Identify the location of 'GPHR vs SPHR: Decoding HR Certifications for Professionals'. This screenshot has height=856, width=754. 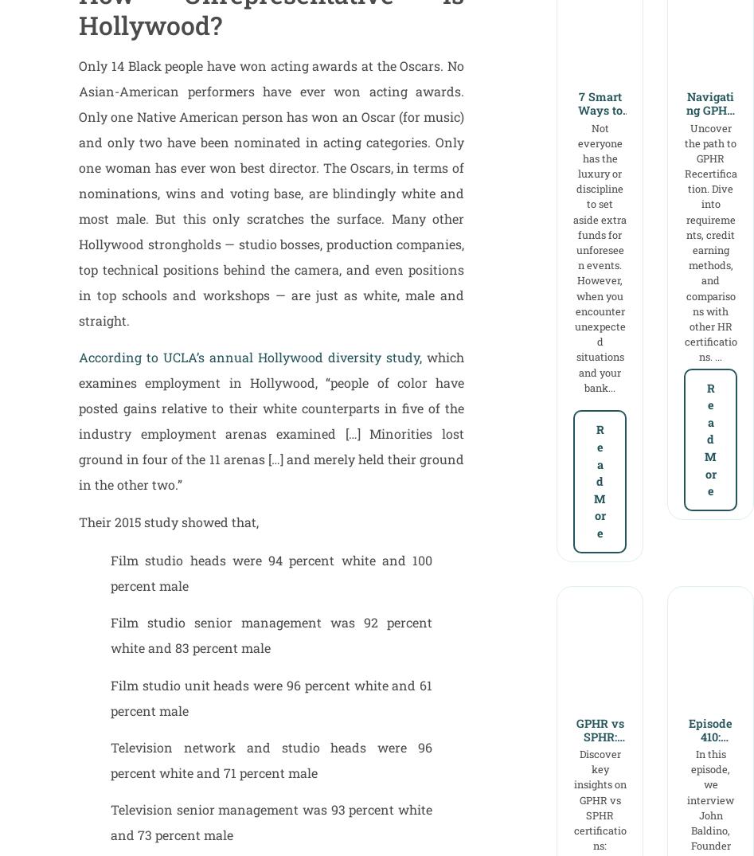
(599, 771).